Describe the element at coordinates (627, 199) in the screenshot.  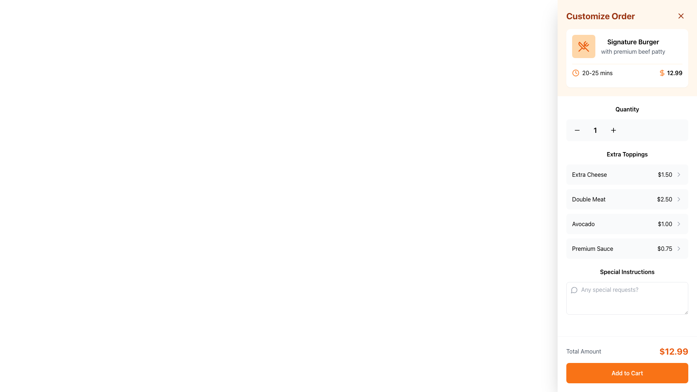
I see `the 'Double Meat' topping button for keyboard interaction` at that location.